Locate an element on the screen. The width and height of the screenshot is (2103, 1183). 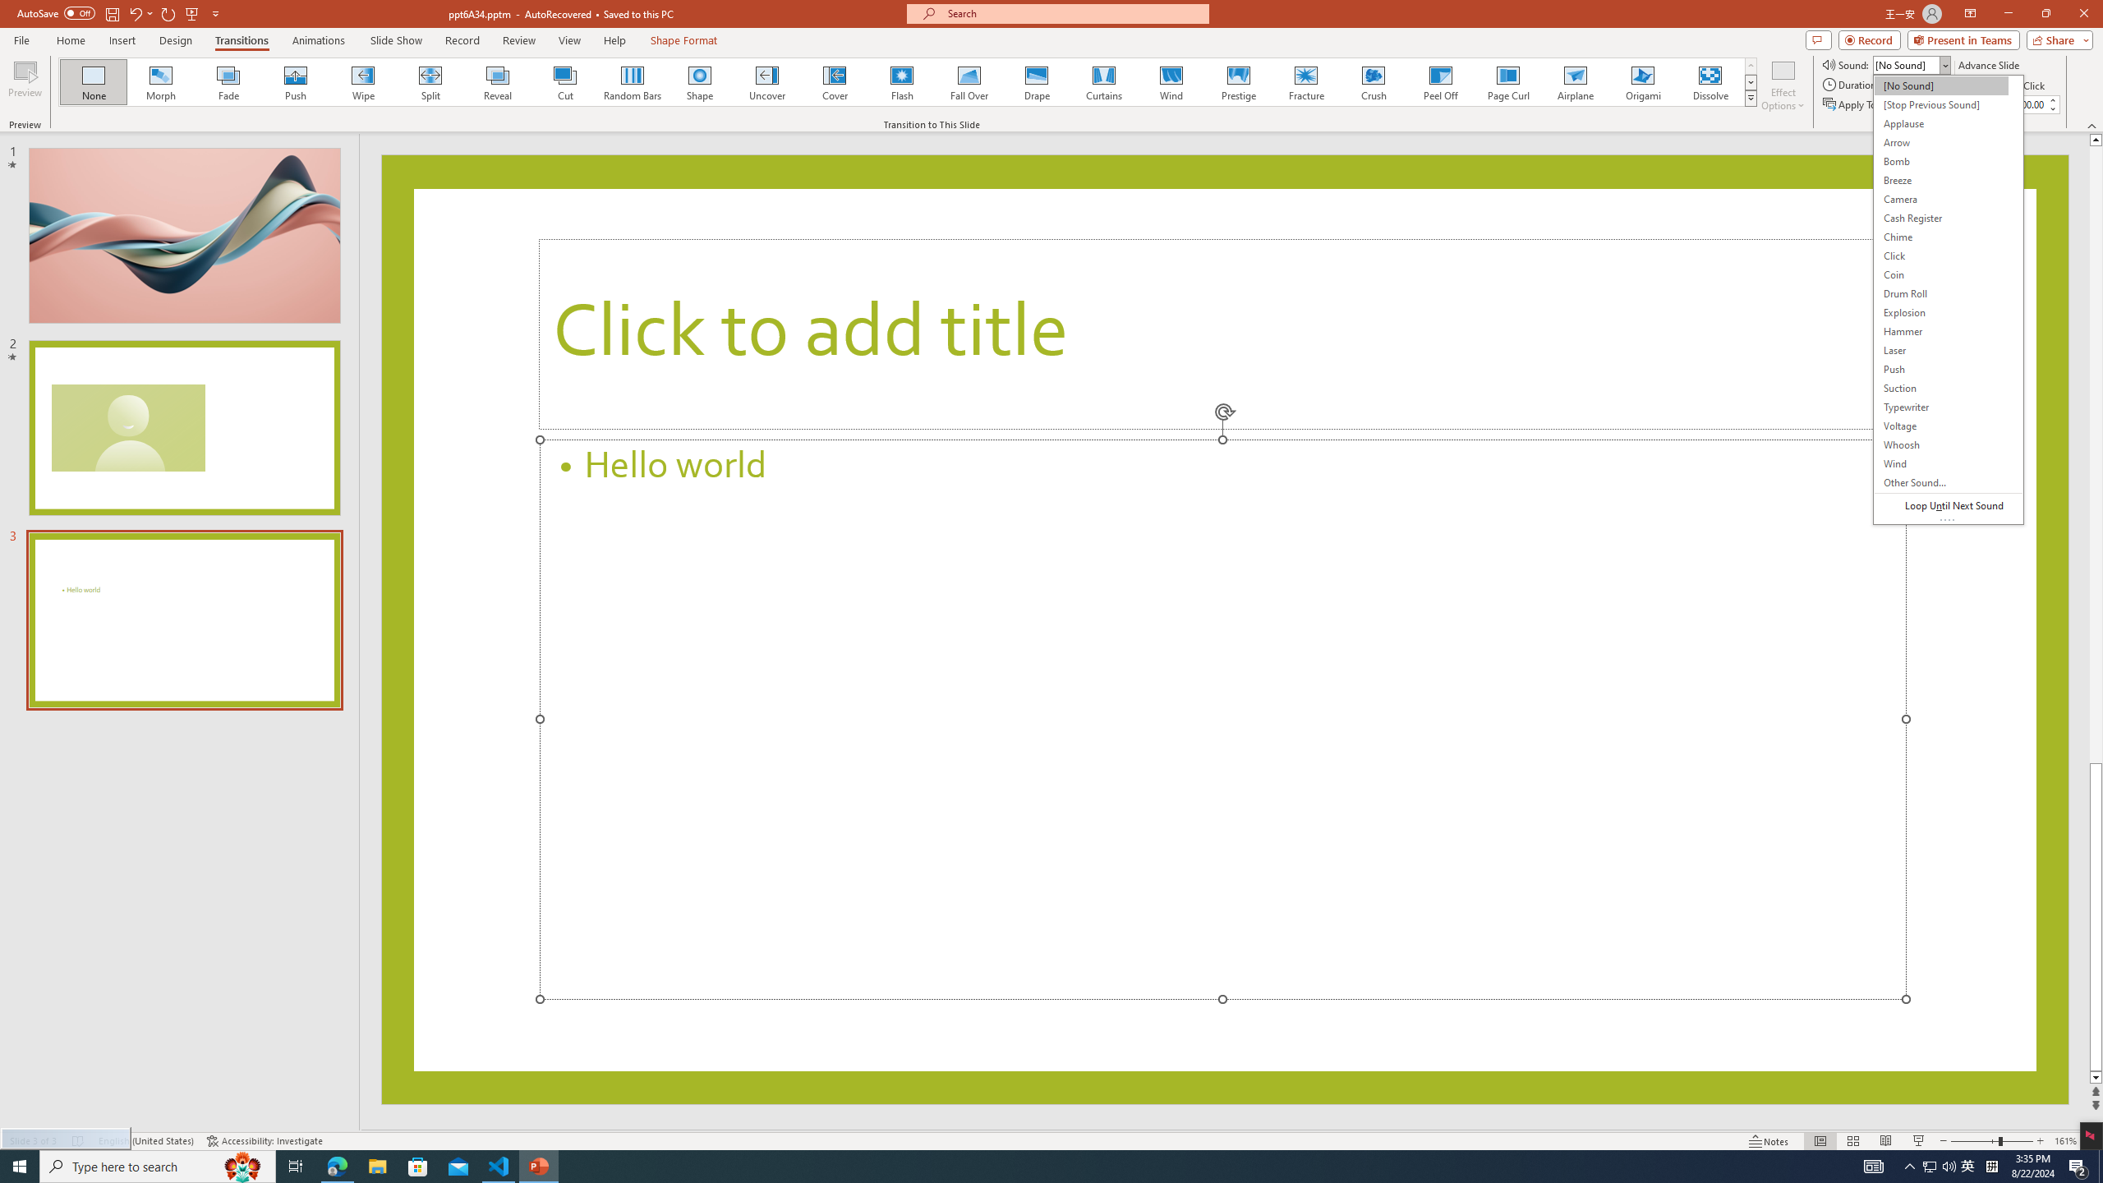
'Fall Over' is located at coordinates (969, 81).